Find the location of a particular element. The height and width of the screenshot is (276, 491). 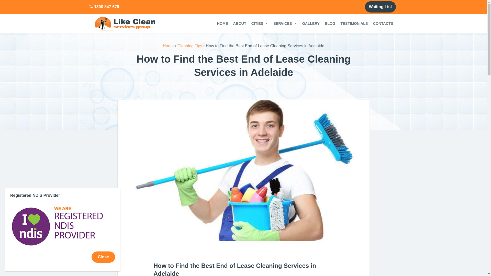

'HOME' is located at coordinates (222, 23).